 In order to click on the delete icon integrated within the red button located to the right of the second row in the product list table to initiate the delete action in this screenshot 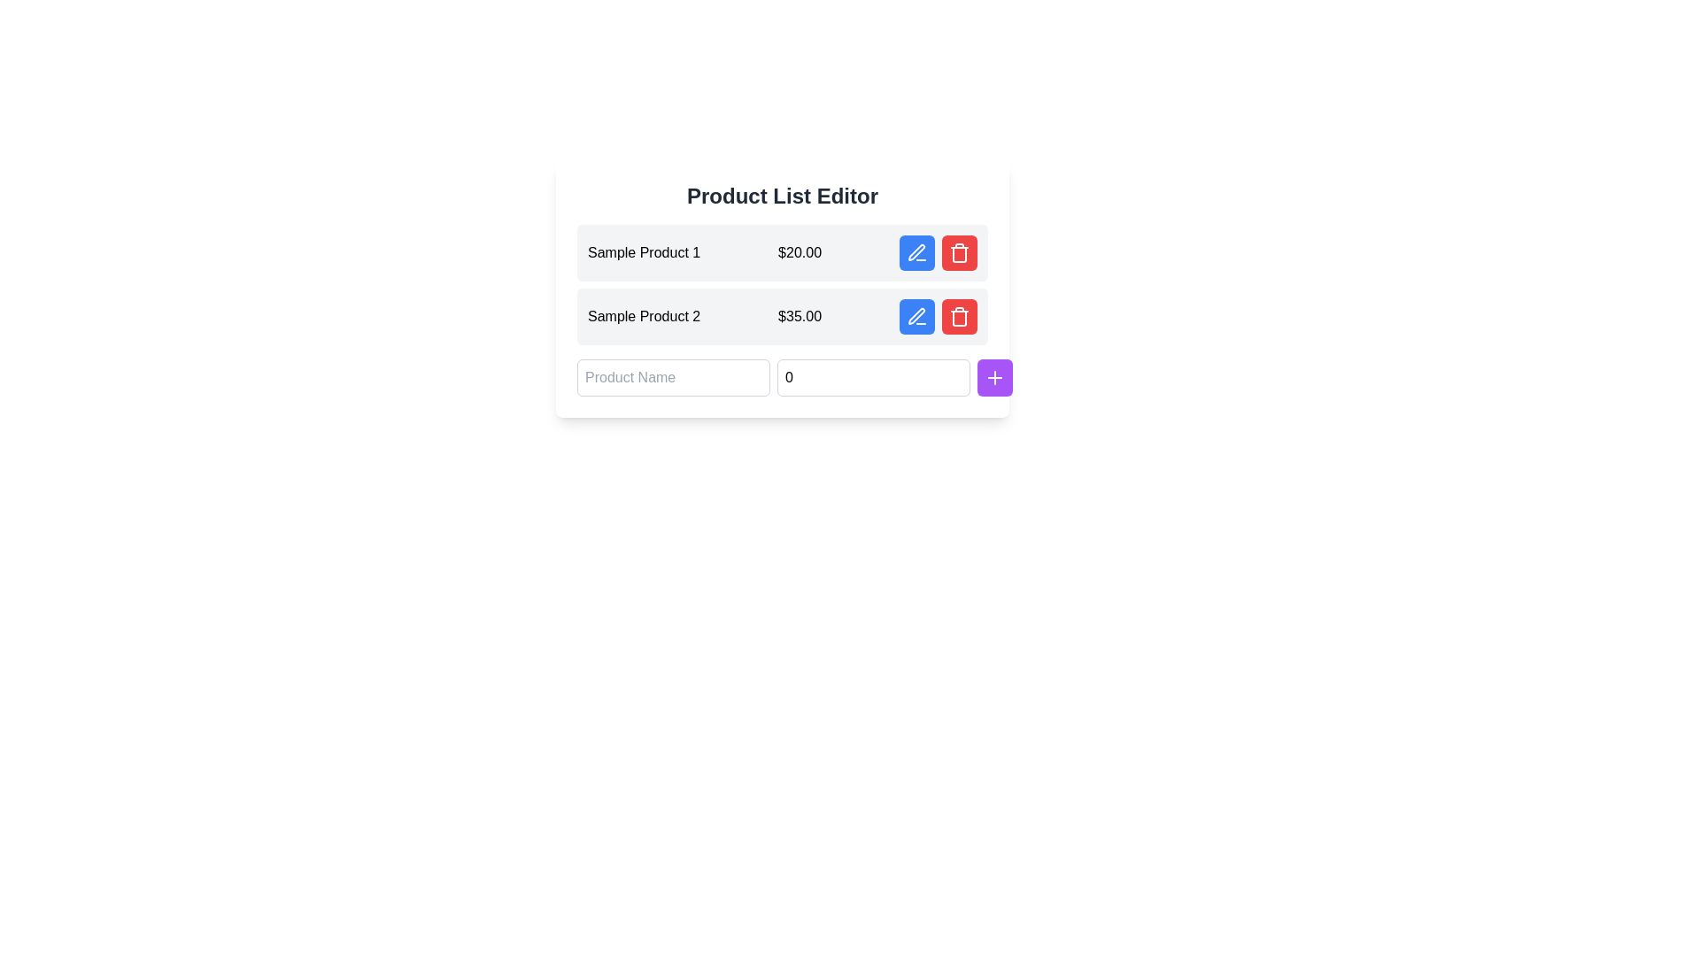, I will do `click(959, 252)`.